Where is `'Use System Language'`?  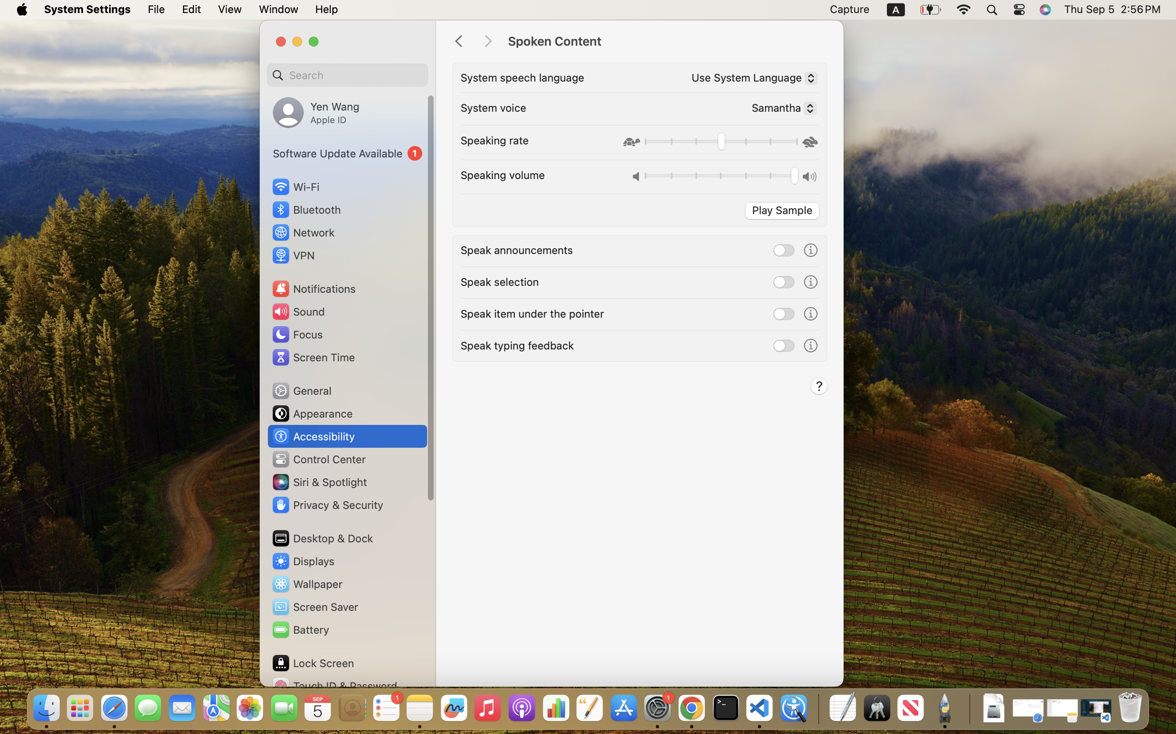
'Use System Language' is located at coordinates (750, 79).